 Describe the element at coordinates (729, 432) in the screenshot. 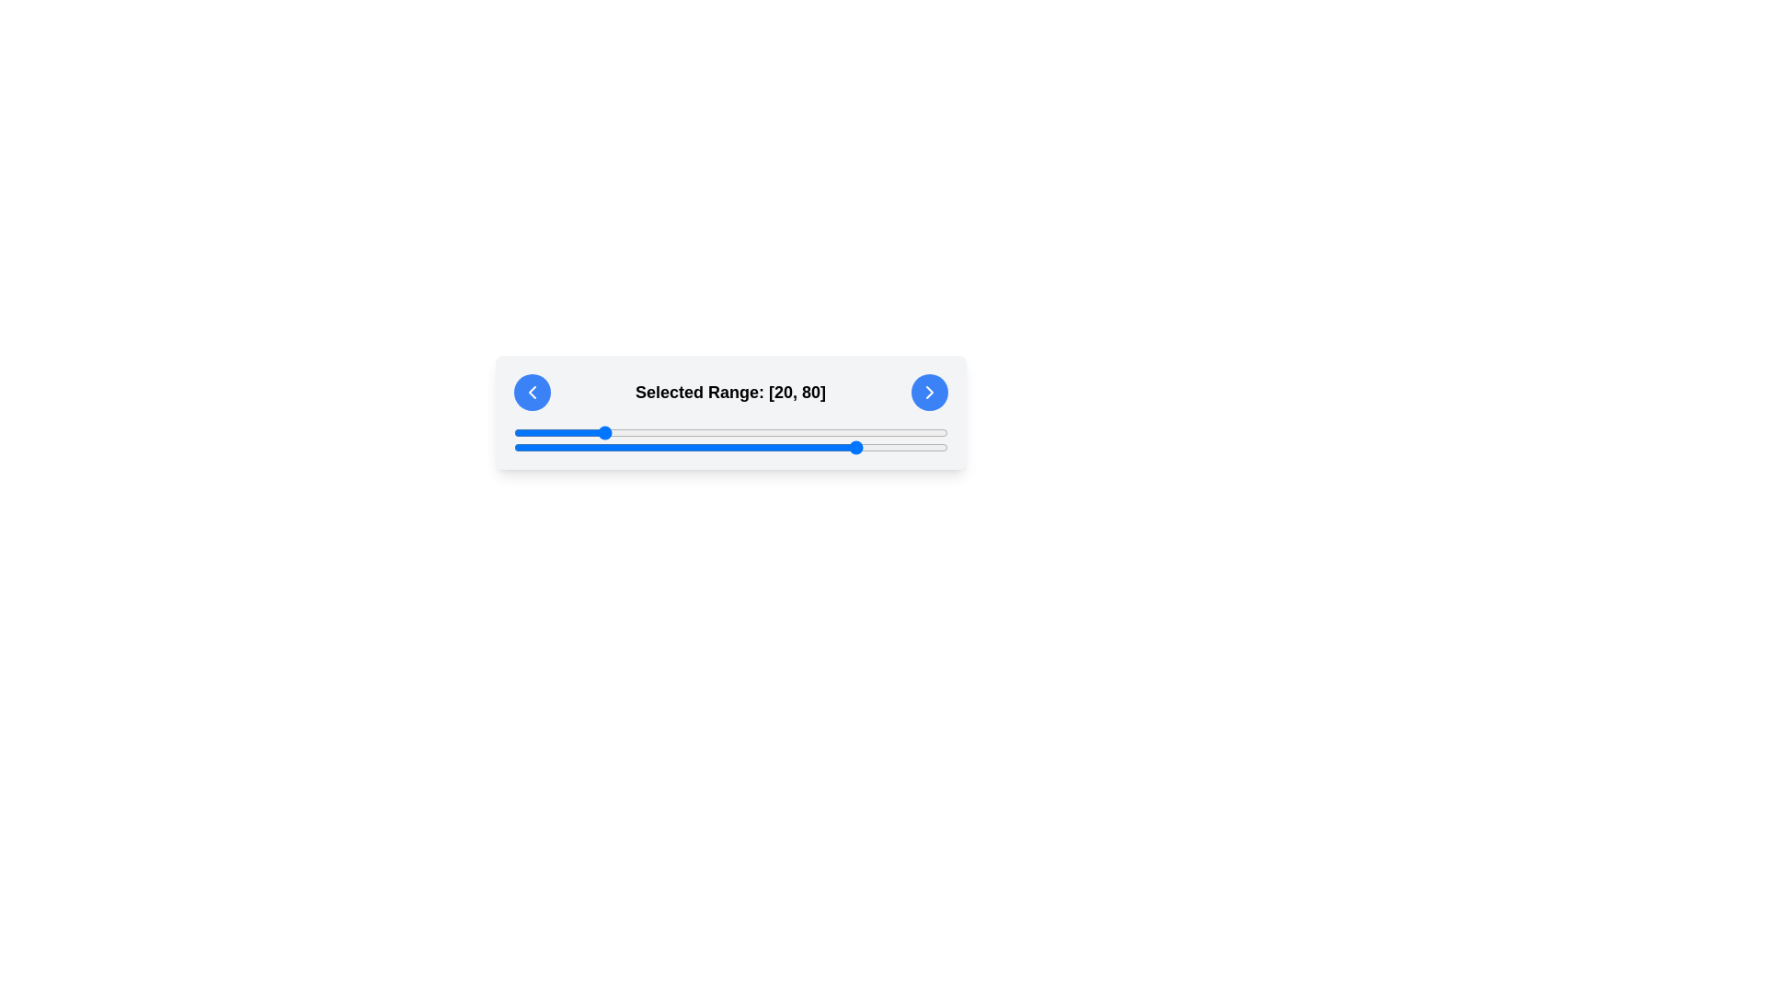

I see `the blue slider knob of the first range slider located beneath the 'Selected Range: [20, 80]' text to move it` at that location.